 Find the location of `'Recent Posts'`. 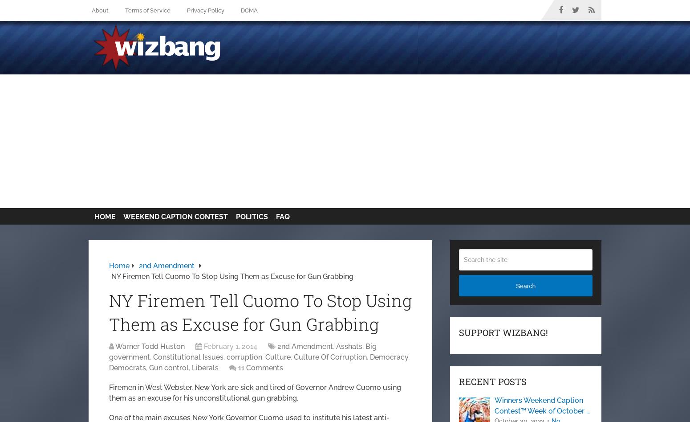

'Recent Posts' is located at coordinates (492, 381).